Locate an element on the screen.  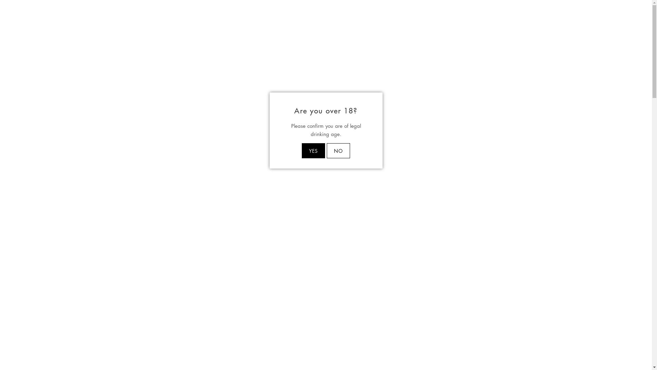
'WINE CLUB' is located at coordinates (386, 49).